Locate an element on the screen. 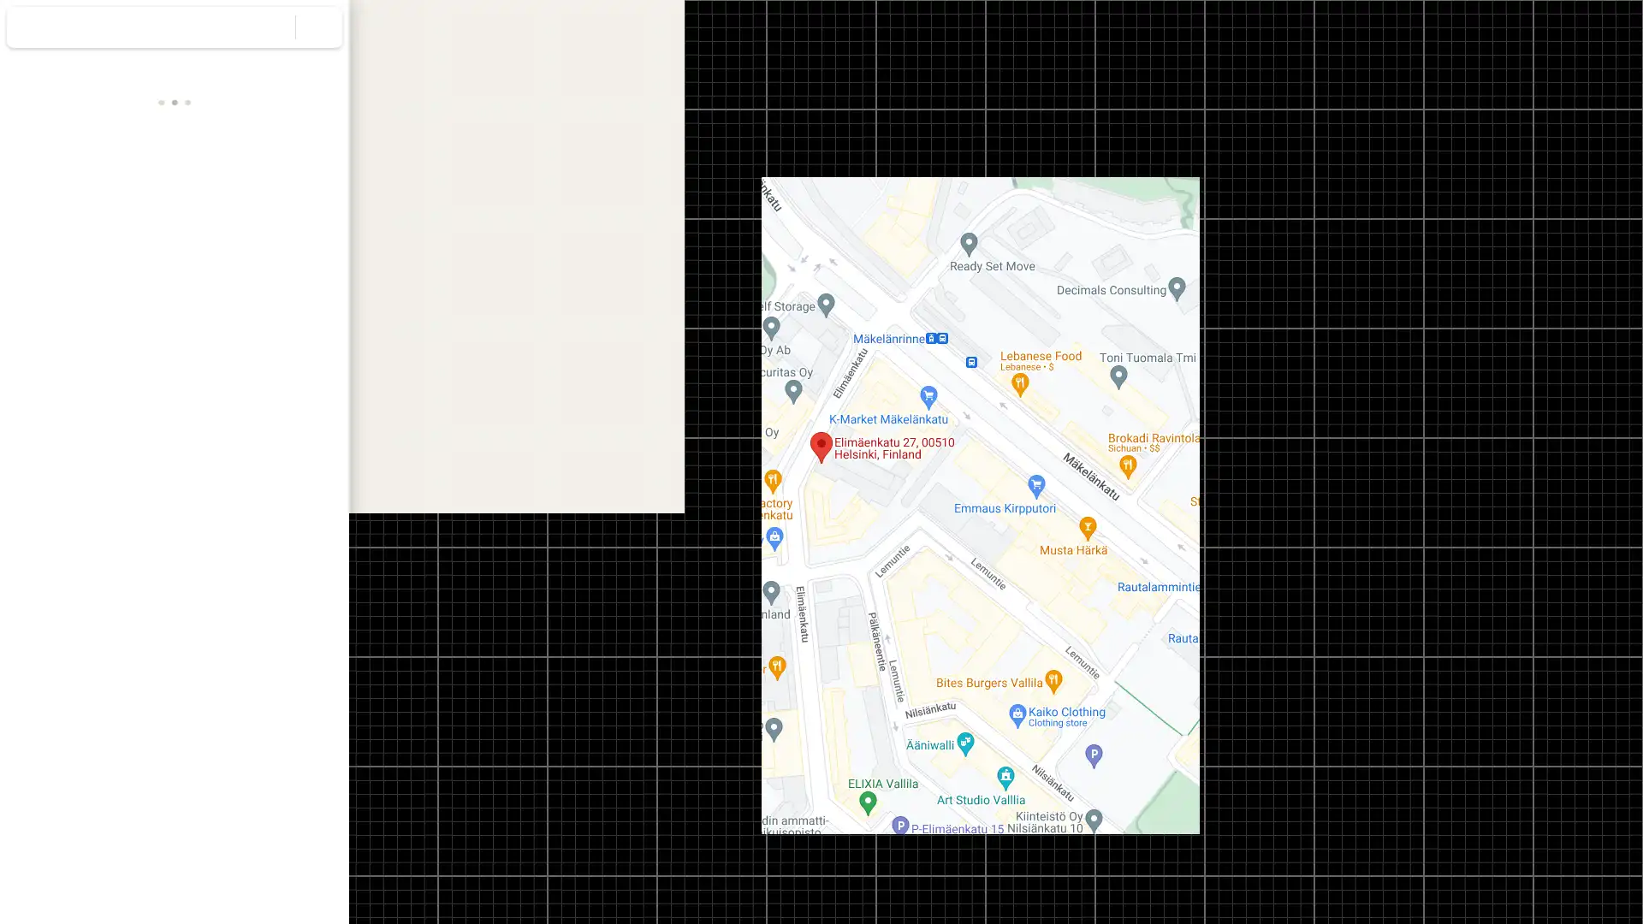 This screenshot has height=924, width=1643. Directions to Elimaenkatu 27 is located at coordinates (49, 293).